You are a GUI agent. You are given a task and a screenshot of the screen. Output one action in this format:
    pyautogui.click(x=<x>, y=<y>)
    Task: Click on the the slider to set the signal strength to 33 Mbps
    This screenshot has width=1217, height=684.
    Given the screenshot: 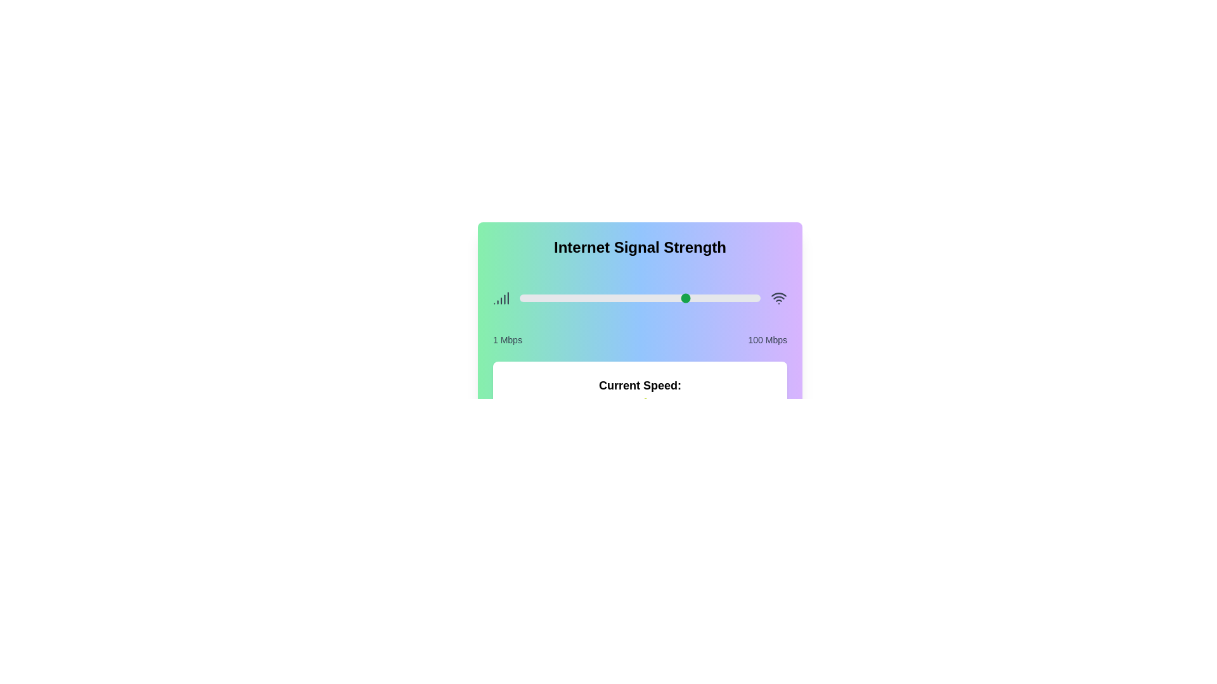 What is the action you would take?
    pyautogui.click(x=596, y=298)
    